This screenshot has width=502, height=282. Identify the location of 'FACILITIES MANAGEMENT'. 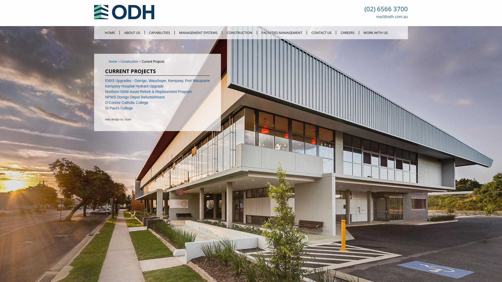
(281, 32).